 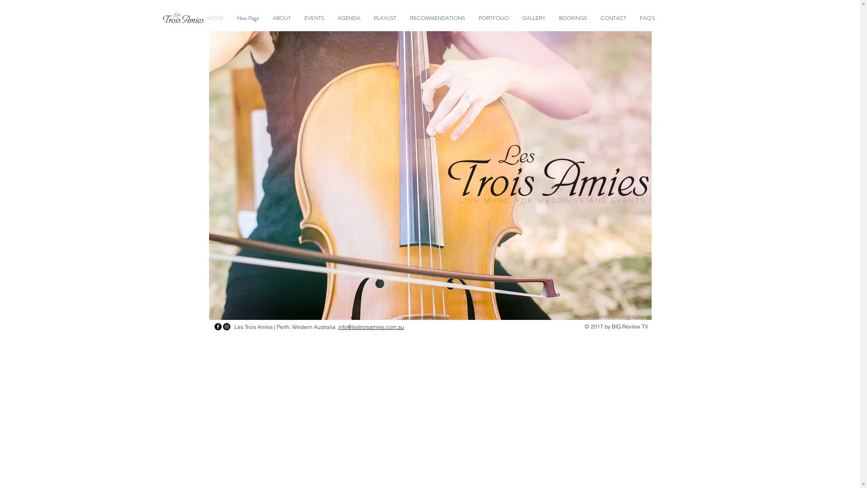 What do you see at coordinates (348, 18) in the screenshot?
I see `'AGENDA'` at bounding box center [348, 18].